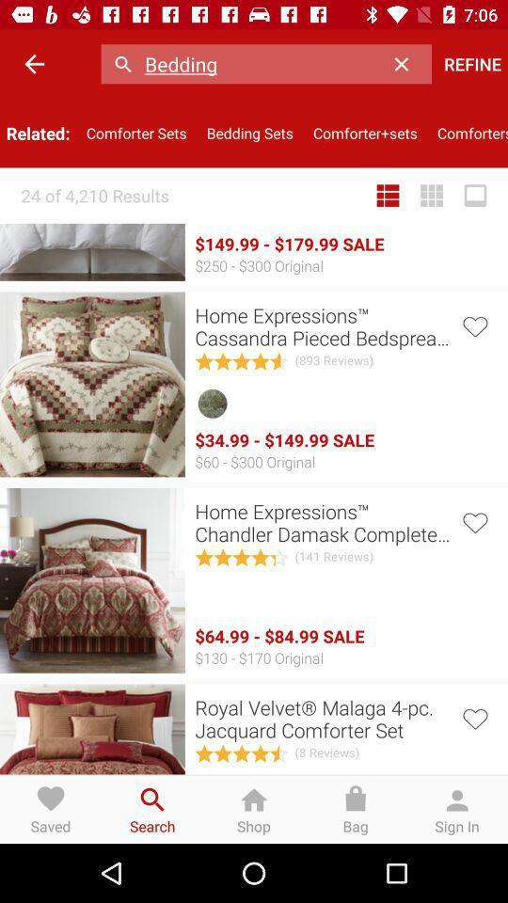 The width and height of the screenshot is (508, 903). I want to click on item, so click(473, 716).